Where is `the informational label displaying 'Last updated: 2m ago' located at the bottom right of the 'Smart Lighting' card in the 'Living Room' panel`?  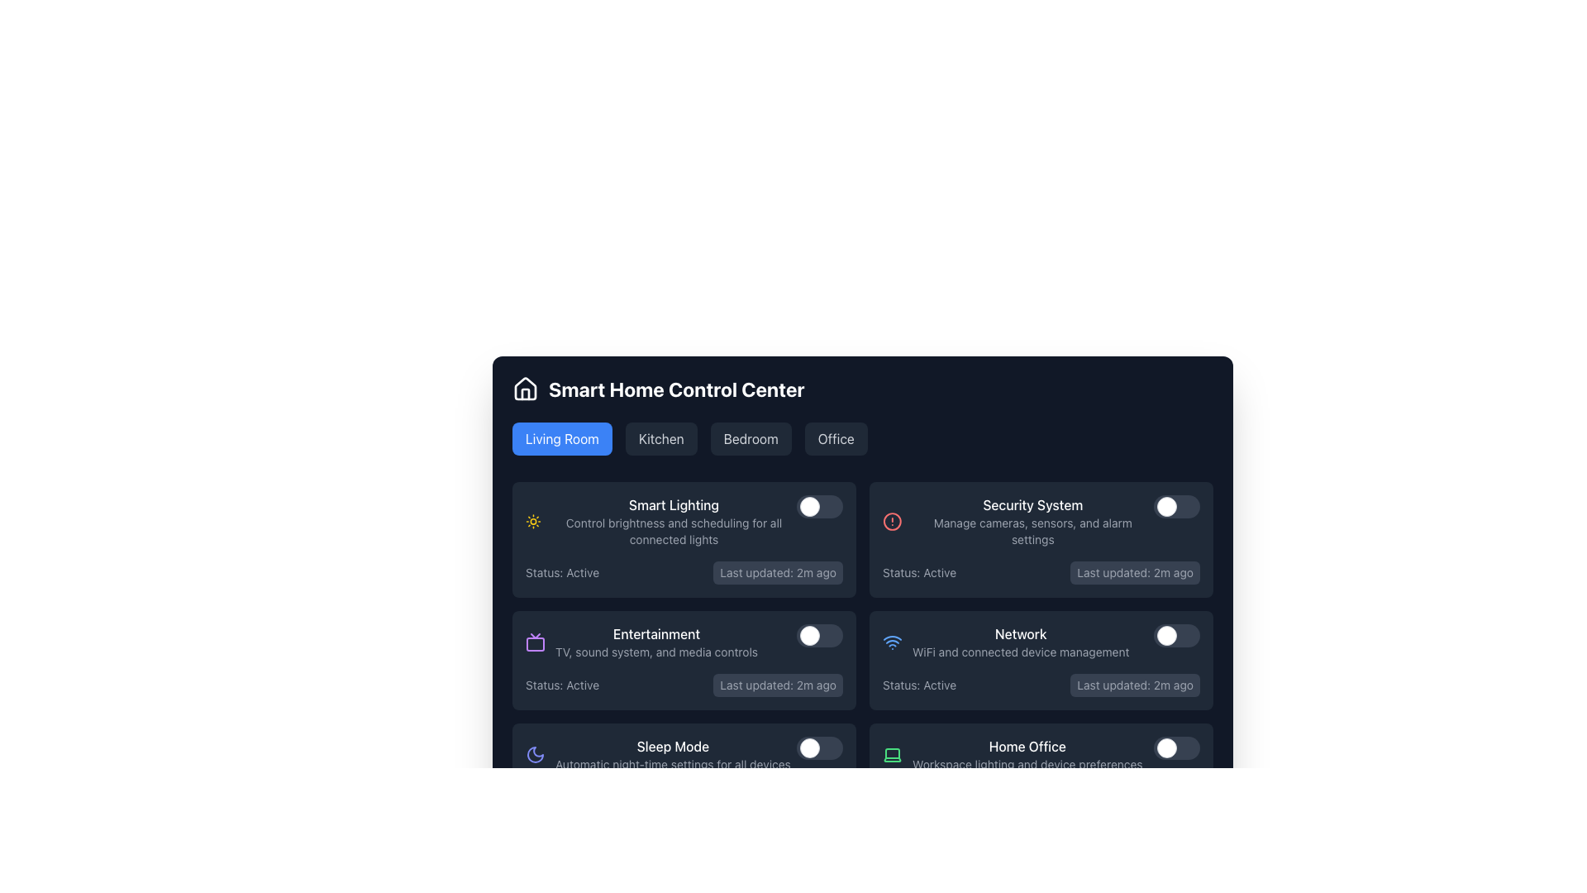
the informational label displaying 'Last updated: 2m ago' located at the bottom right of the 'Smart Lighting' card in the 'Living Room' panel is located at coordinates (777, 572).